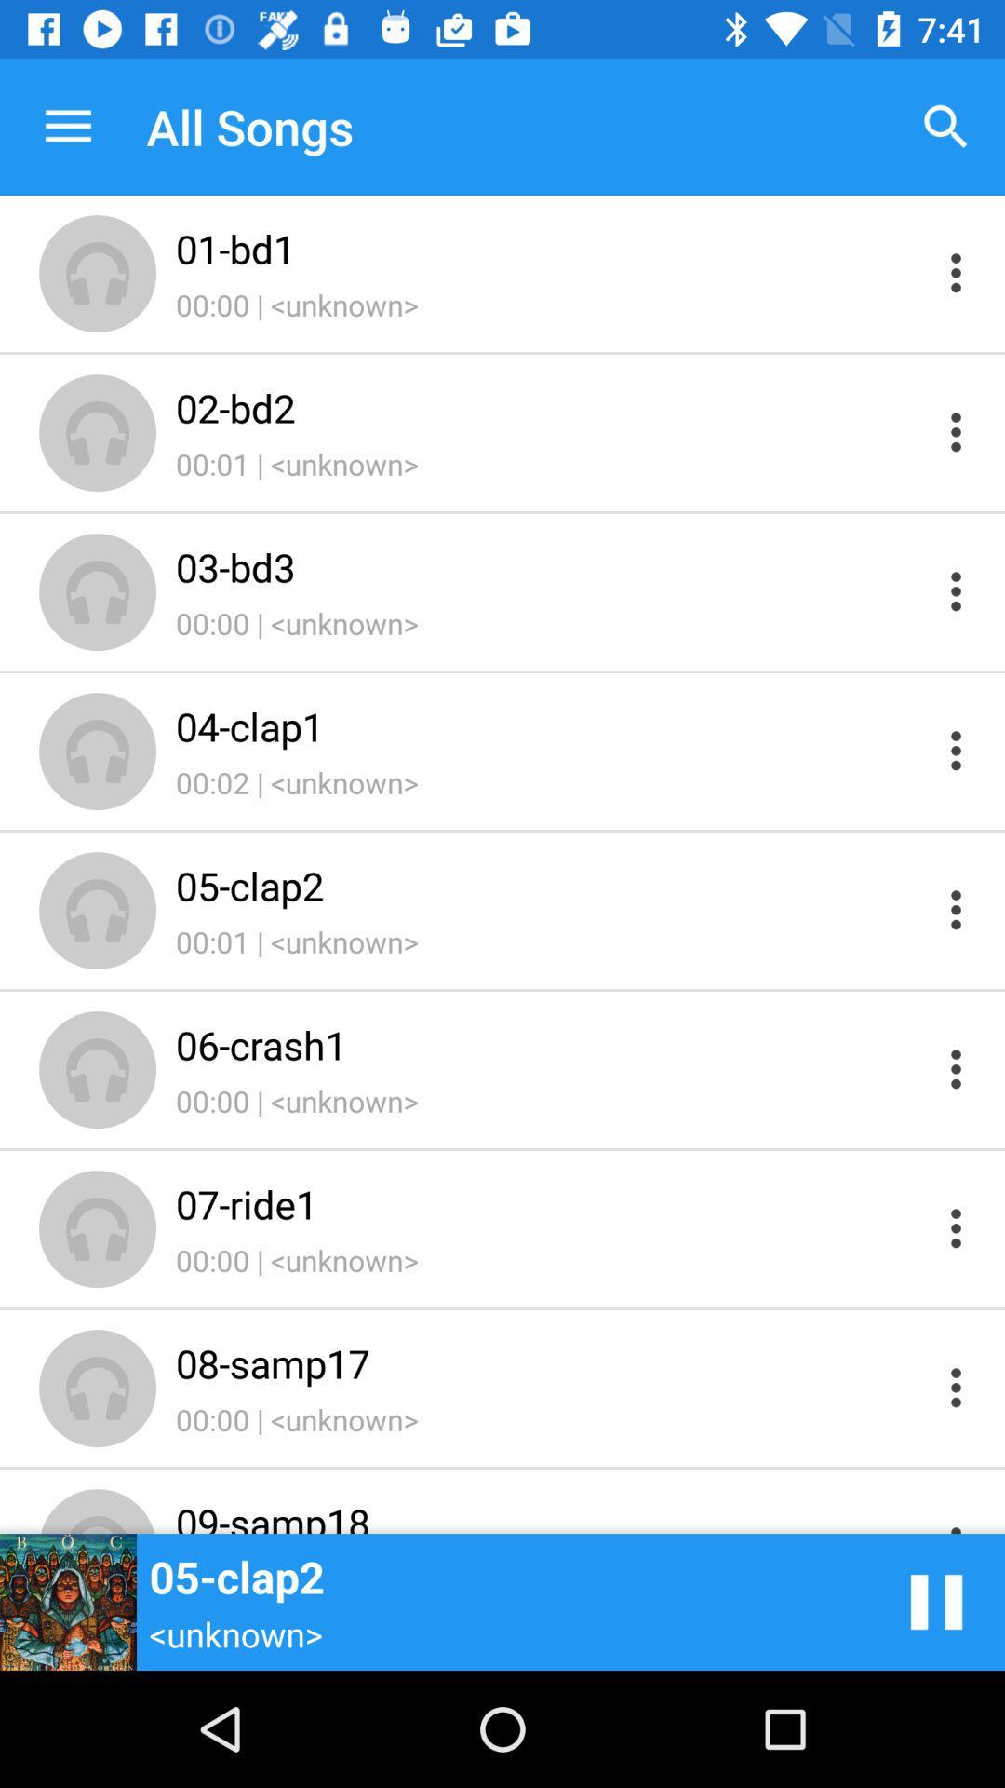 The image size is (1005, 1788). What do you see at coordinates (956, 751) in the screenshot?
I see `open menu` at bounding box center [956, 751].